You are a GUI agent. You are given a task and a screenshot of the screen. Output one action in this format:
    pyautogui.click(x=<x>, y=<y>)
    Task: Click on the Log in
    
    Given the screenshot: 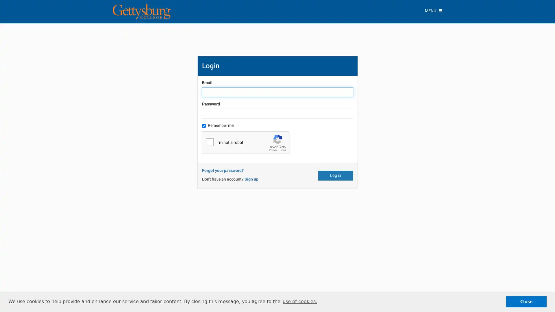 What is the action you would take?
    pyautogui.click(x=336, y=175)
    